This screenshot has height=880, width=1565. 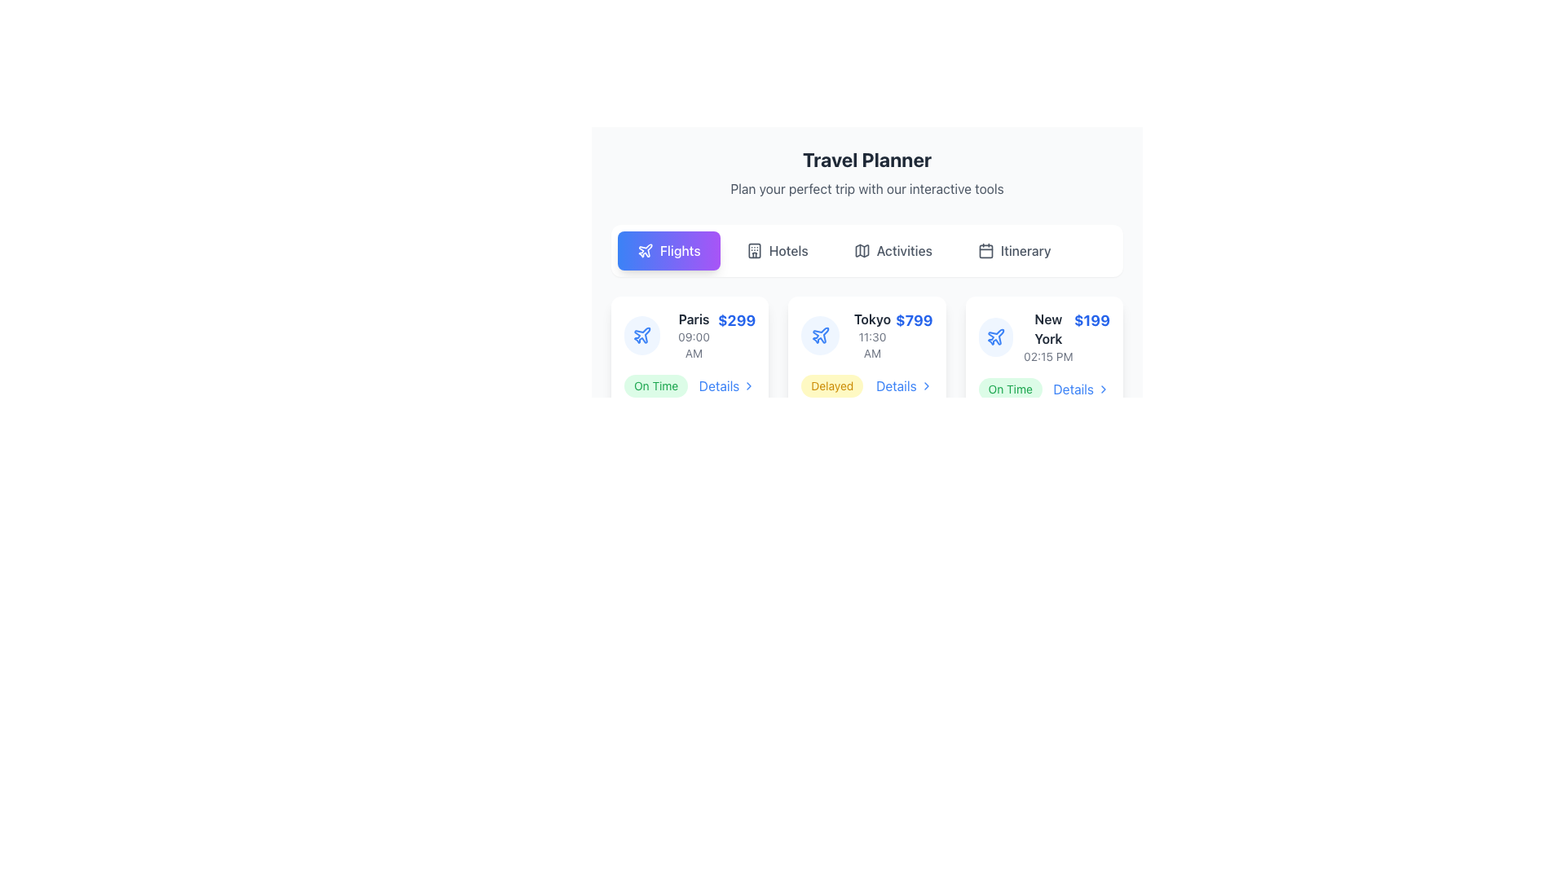 I want to click on the airplane icon that serves as a visual identifier for flight information, located in the middle card for 'Tokyo', so click(x=820, y=335).